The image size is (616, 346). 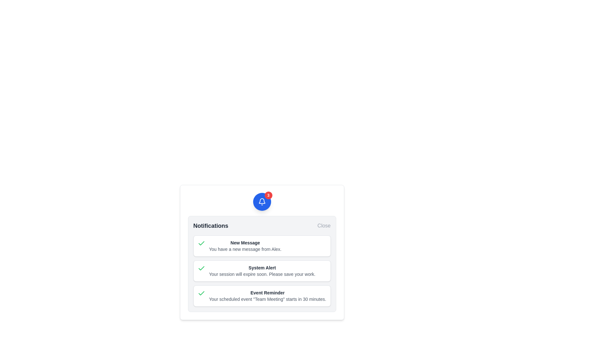 What do you see at coordinates (268, 296) in the screenshot?
I see `the last notification element titled 'Event Reminder' which displays the message 'Your scheduled event "Team Meeting" starts in 30 minutes.'` at bounding box center [268, 296].